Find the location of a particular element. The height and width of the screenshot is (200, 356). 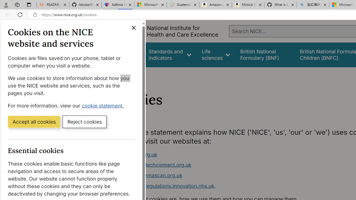

'Microsoft-Report a Concern to Bing' is located at coordinates (150, 5).